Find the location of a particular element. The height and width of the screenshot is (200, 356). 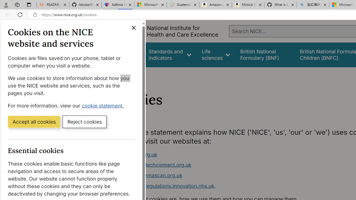

'Microsoft-Report a Concern to Bing' is located at coordinates (150, 5).